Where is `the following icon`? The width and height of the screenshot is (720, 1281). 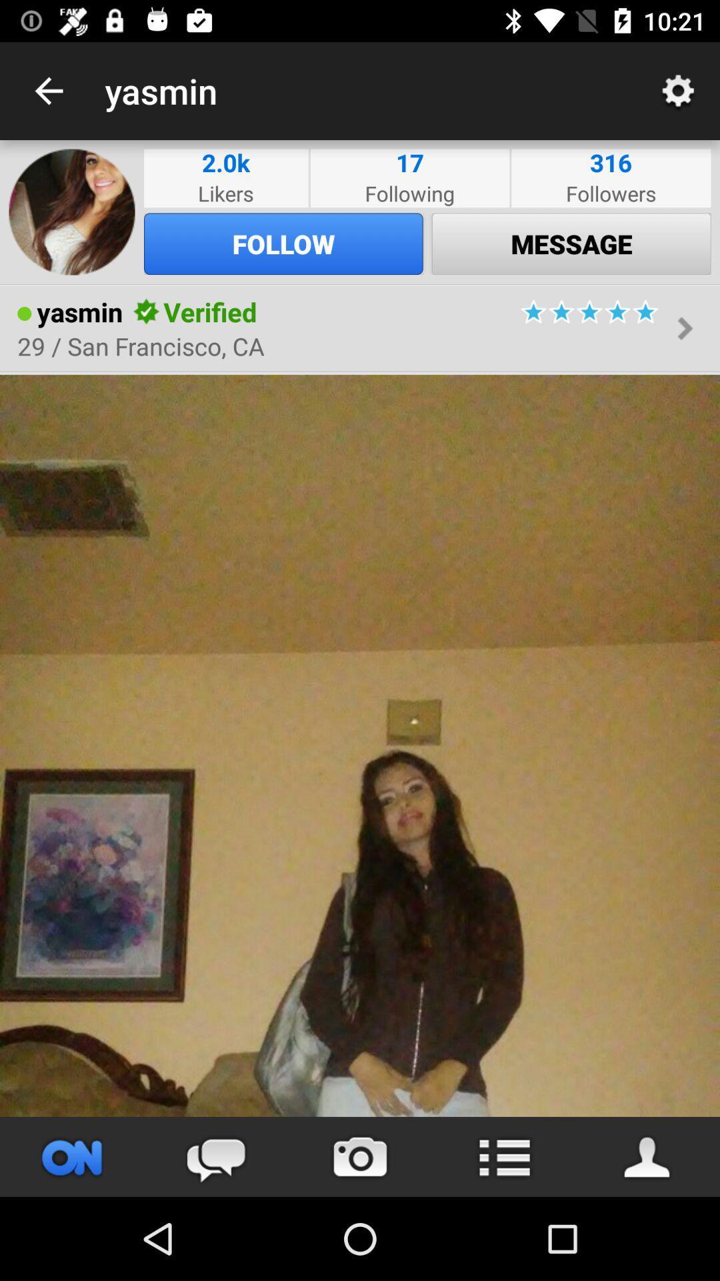
the following icon is located at coordinates (409, 192).